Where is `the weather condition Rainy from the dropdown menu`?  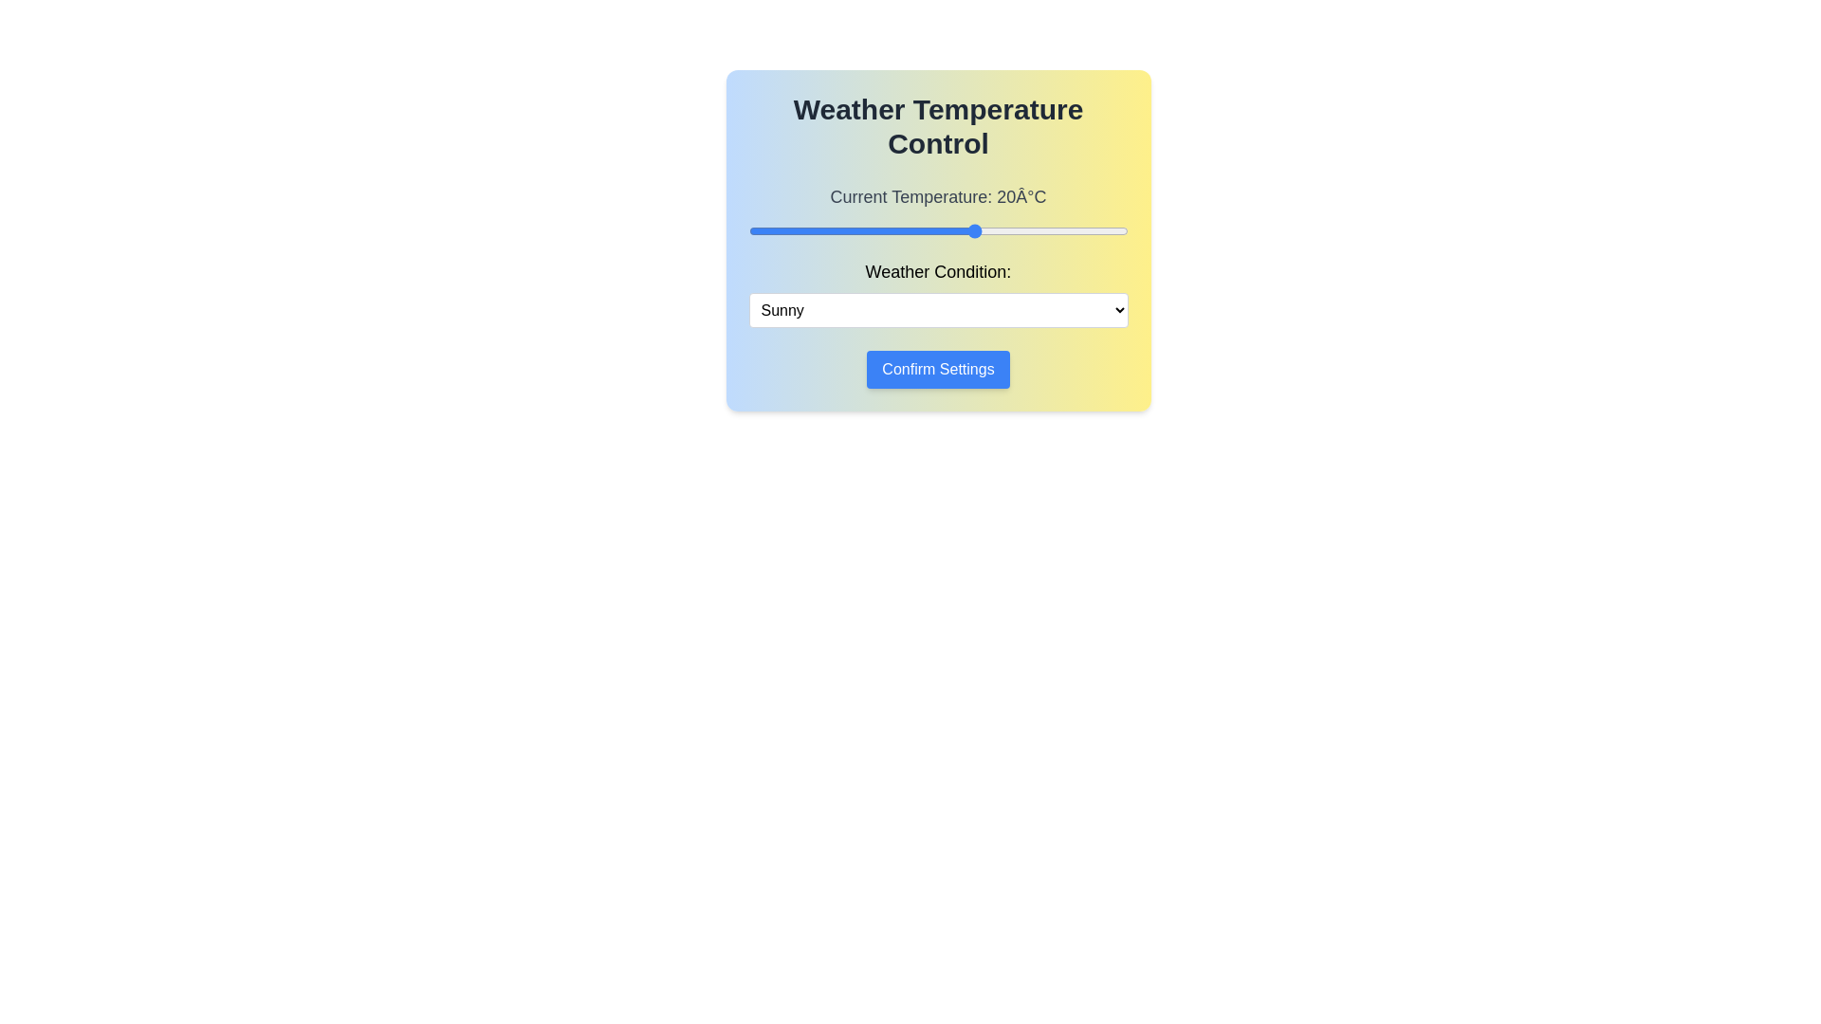 the weather condition Rainy from the dropdown menu is located at coordinates (938, 309).